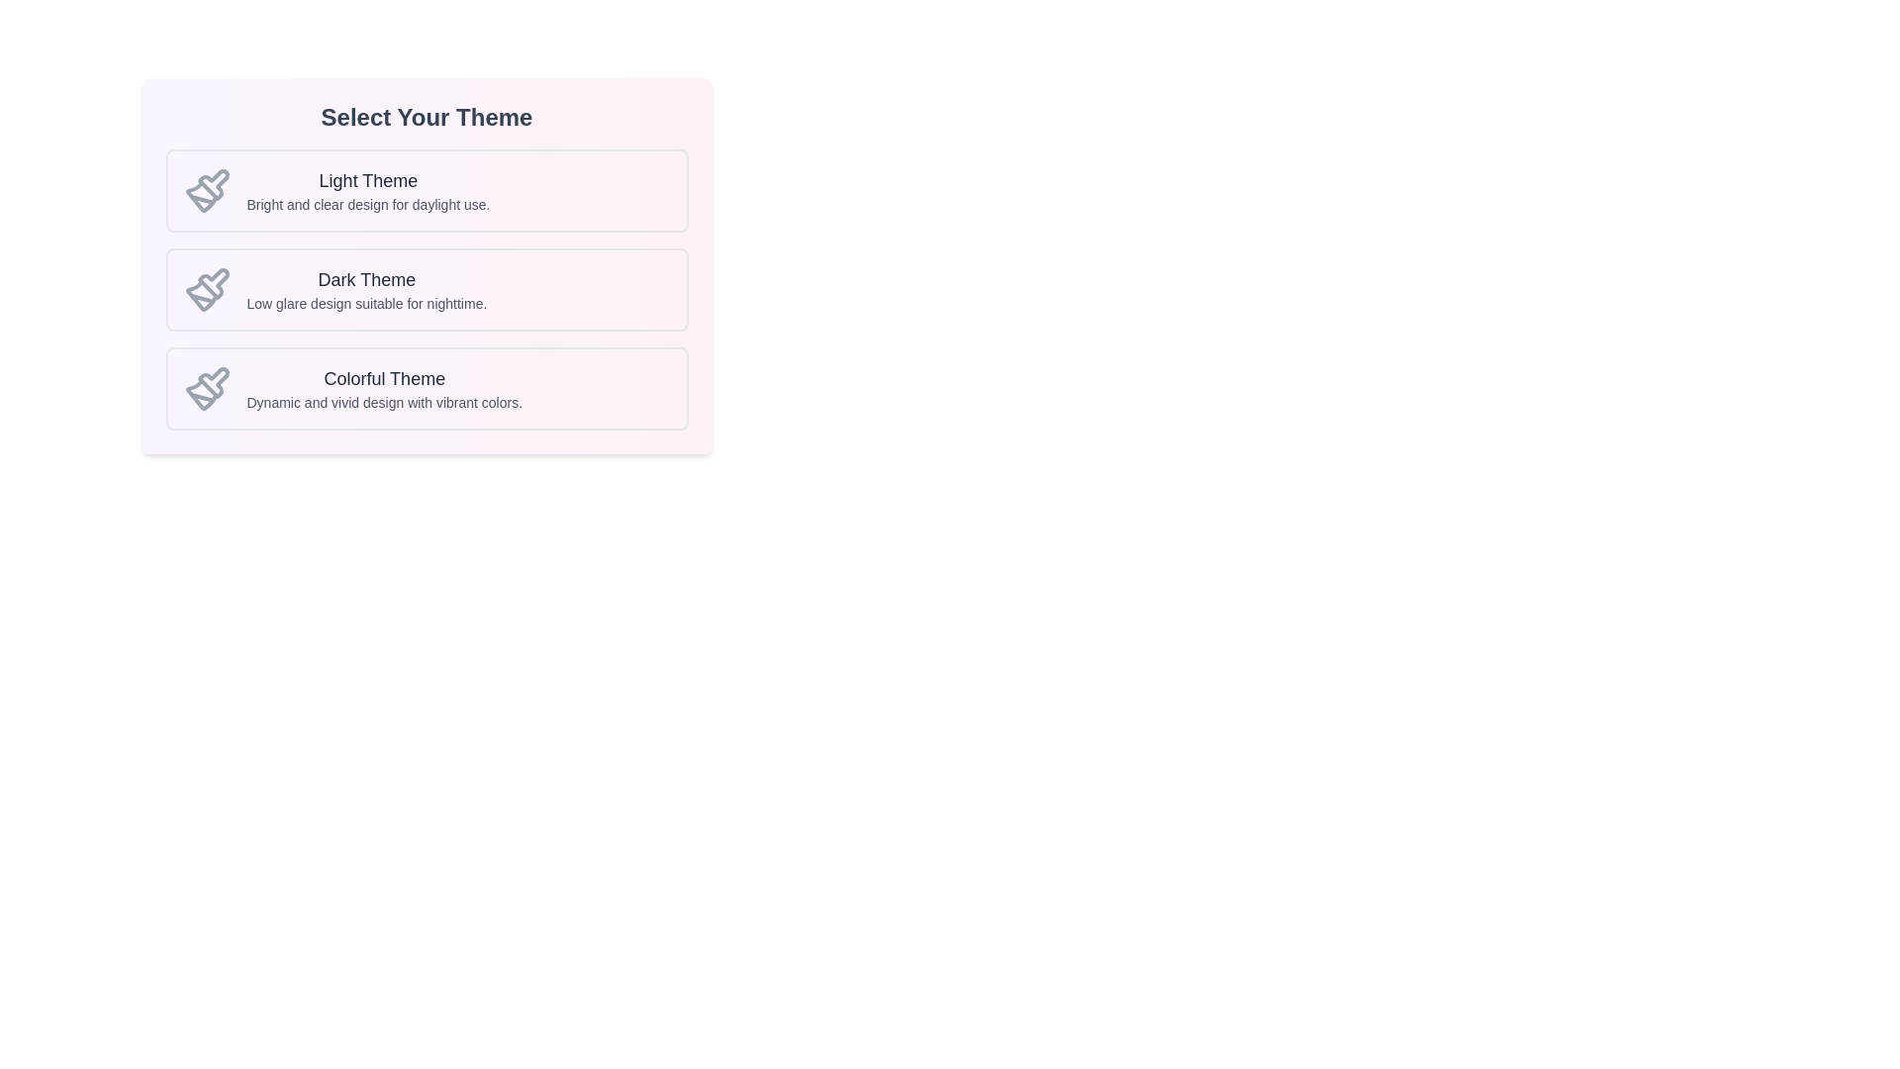 The image size is (1900, 1069). Describe the element at coordinates (366, 279) in the screenshot. I see `the 'Dark Theme' label, which is a bold text element centrally aligned in the second block of a vertically arranged theme selection list` at that location.